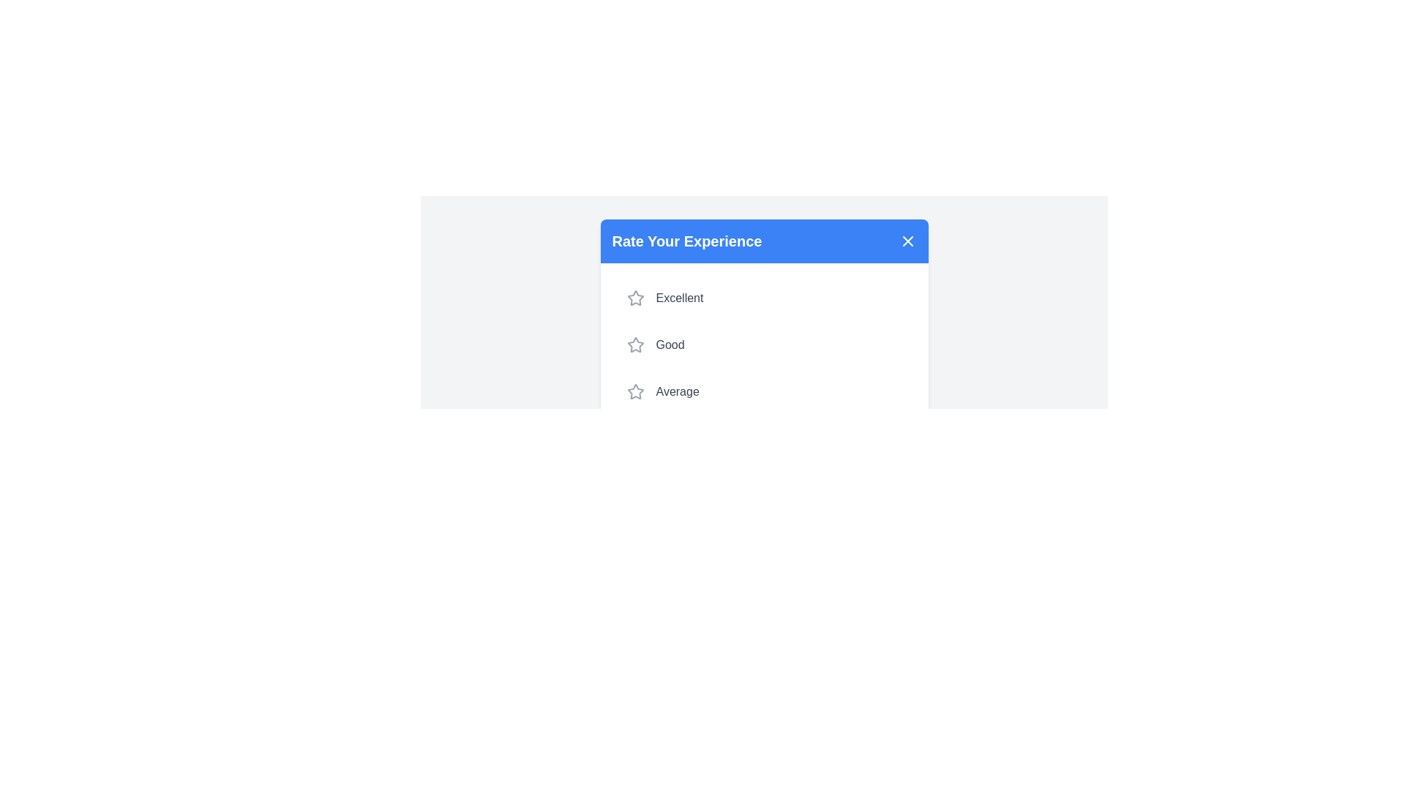  I want to click on the close button to dismiss the dialog, so click(907, 241).